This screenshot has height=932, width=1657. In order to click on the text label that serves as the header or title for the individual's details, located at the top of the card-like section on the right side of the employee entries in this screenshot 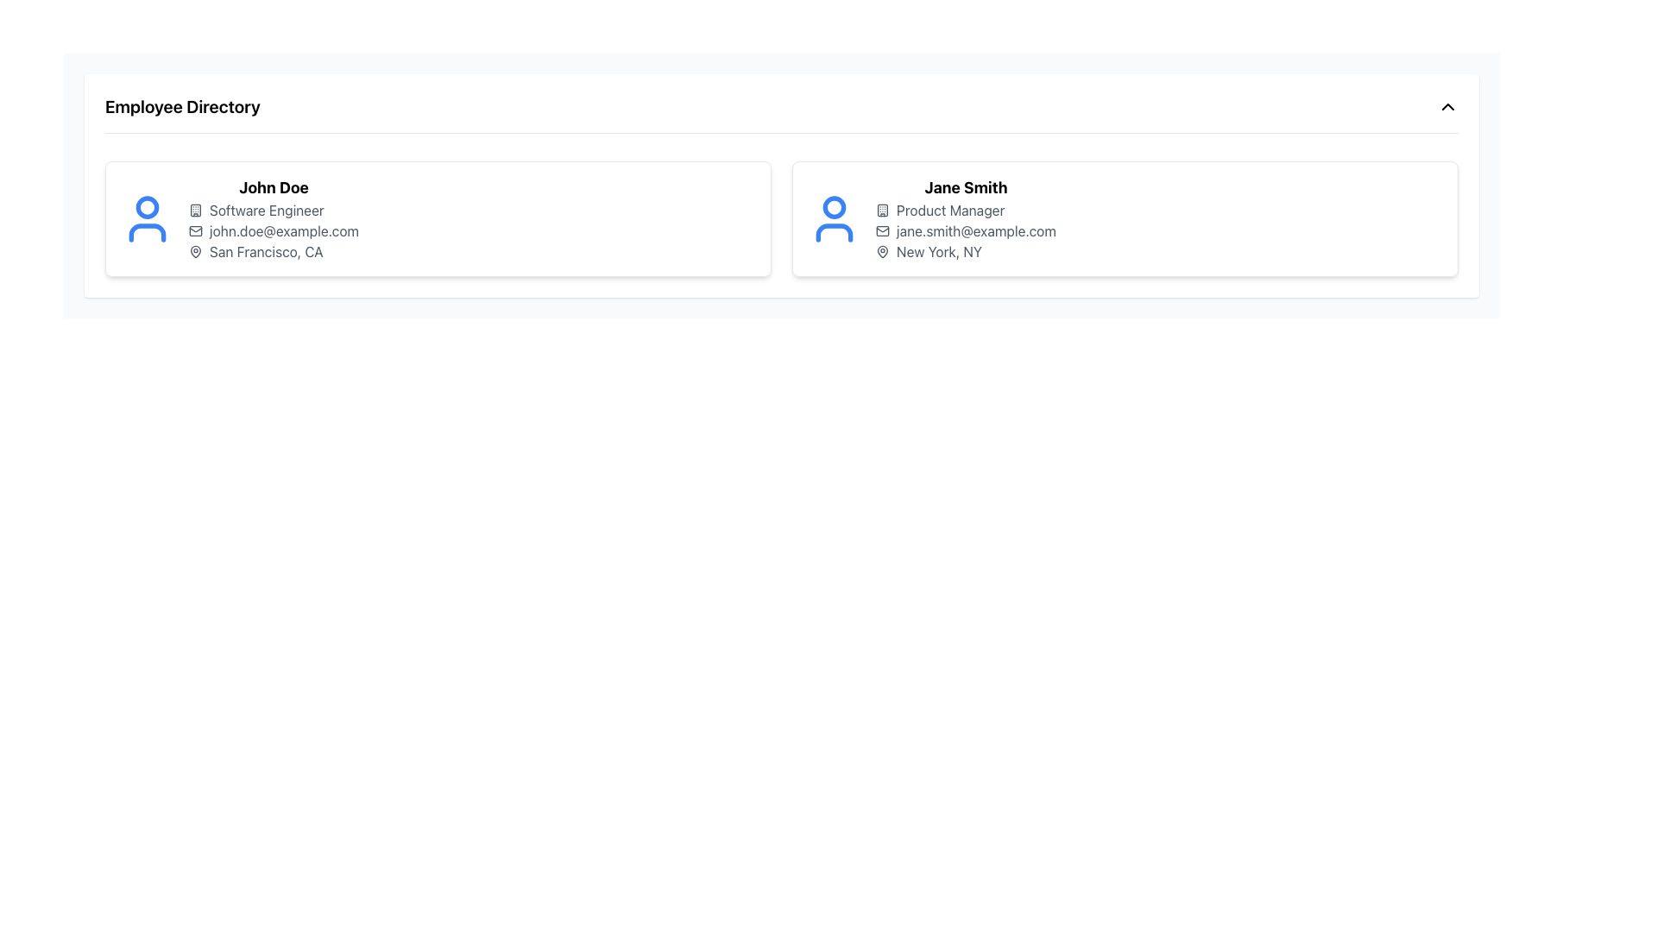, I will do `click(965, 188)`.